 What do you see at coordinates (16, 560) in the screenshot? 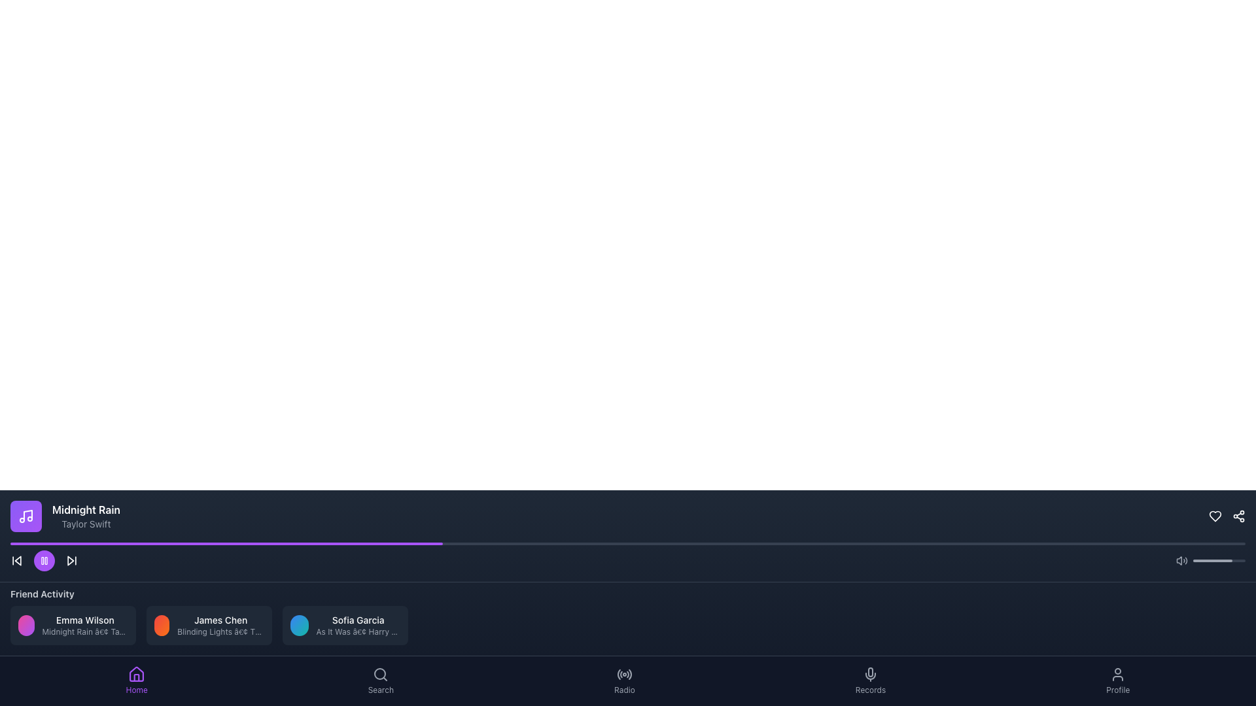
I see `the skip-backward button positioned at the far left of the media control section in the player bar to rewind to the previous track` at bounding box center [16, 560].